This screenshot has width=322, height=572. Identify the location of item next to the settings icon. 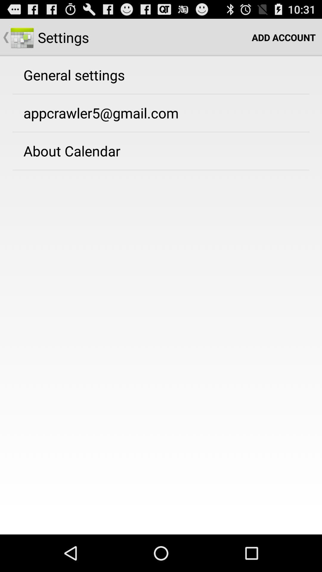
(283, 37).